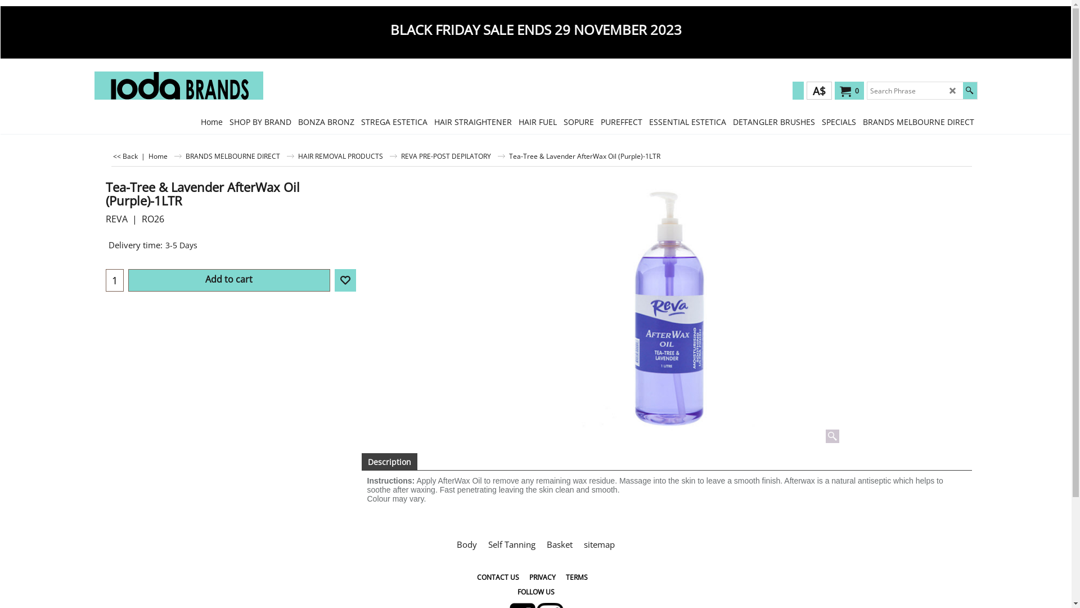 This screenshot has height=608, width=1080. What do you see at coordinates (687, 121) in the screenshot?
I see `'ESSENTIAL ESTETICA'` at bounding box center [687, 121].